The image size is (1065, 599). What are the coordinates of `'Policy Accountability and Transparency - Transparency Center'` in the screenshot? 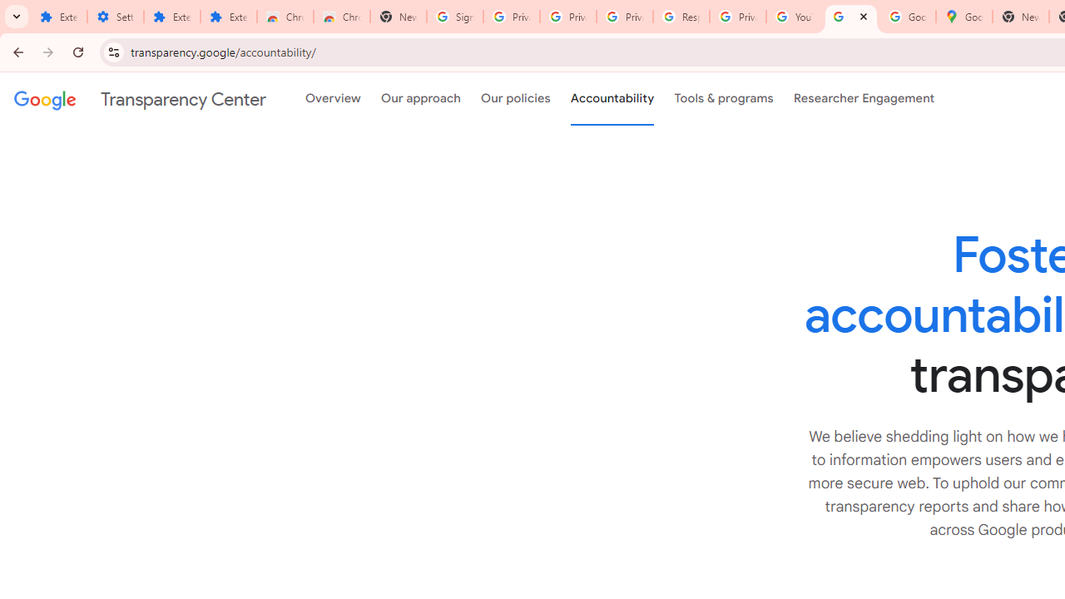 It's located at (851, 17).